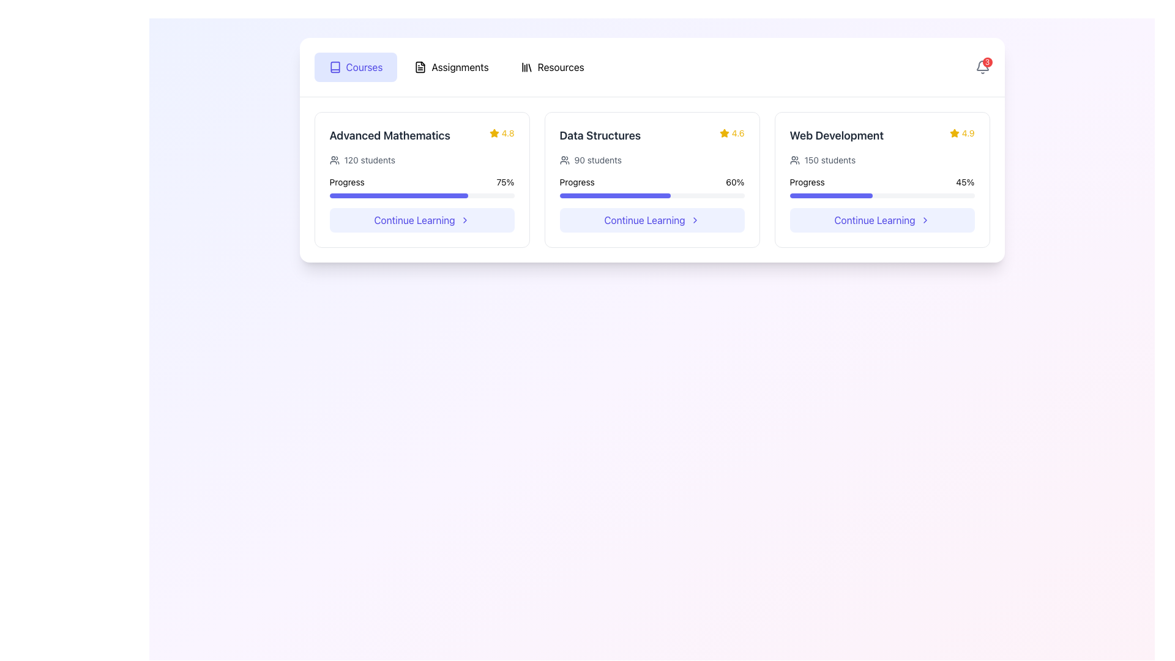  What do you see at coordinates (564, 160) in the screenshot?
I see `the user figures icon in minimalist line-art style located to the left of the '90 students' text in the 'Data Structures' course card` at bounding box center [564, 160].